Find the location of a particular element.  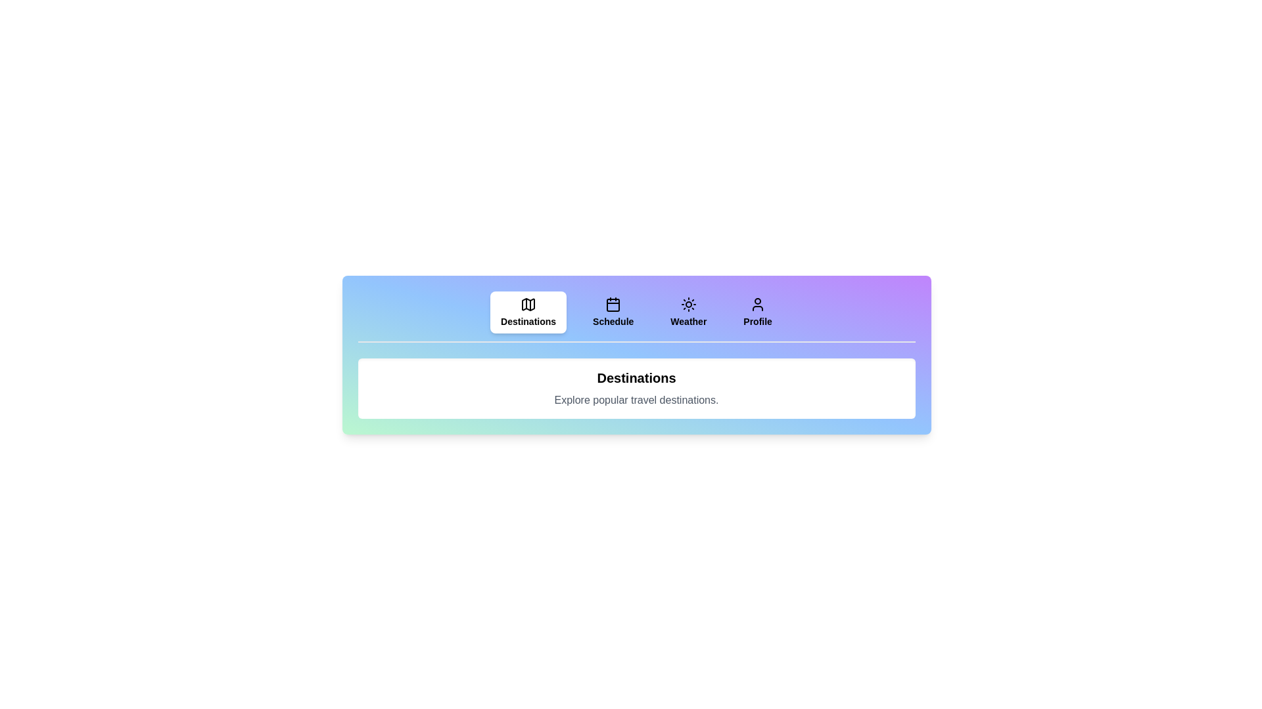

the Weather tab is located at coordinates (688, 312).